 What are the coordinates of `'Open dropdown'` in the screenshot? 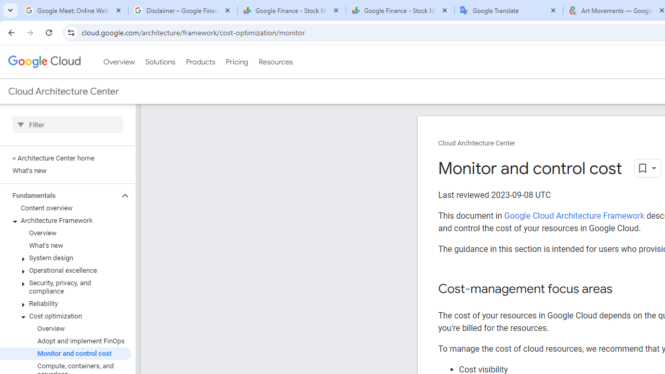 It's located at (647, 168).